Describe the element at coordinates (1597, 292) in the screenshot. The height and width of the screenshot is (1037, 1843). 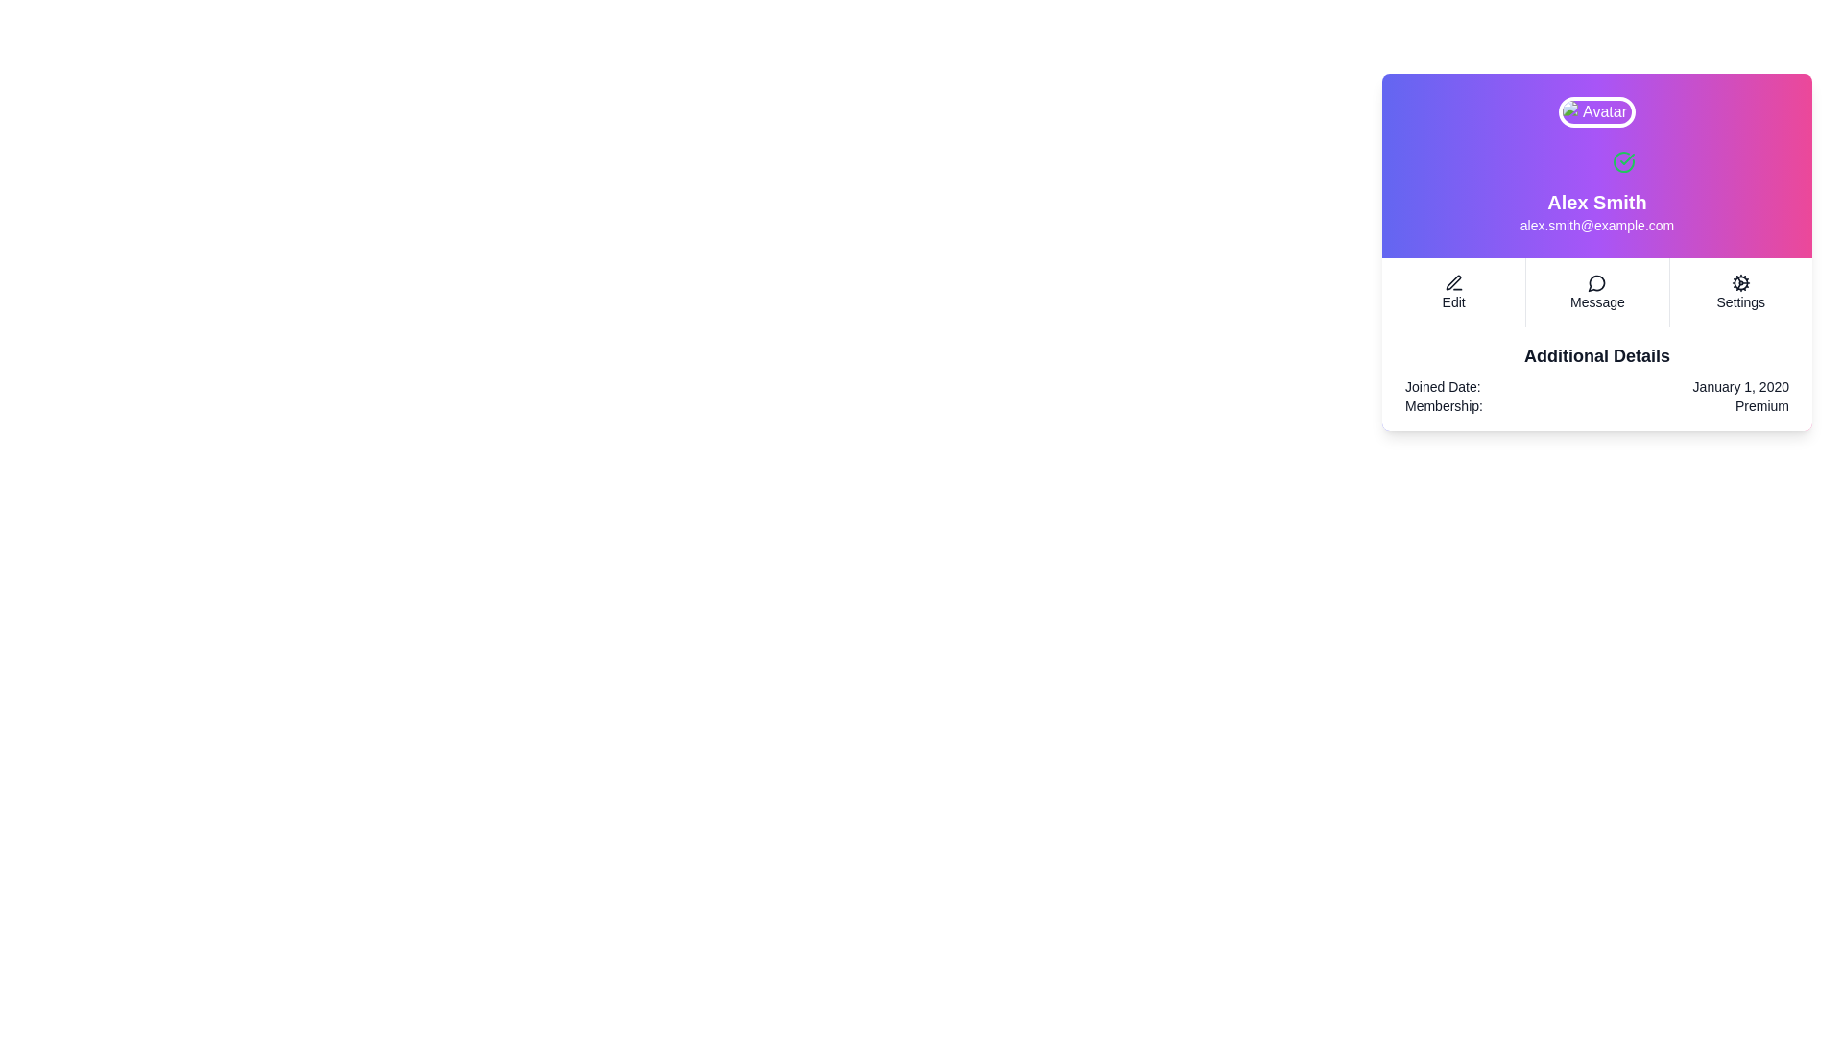
I see `the 'Message' button, which is located in the middle column of a three-column row` at that location.